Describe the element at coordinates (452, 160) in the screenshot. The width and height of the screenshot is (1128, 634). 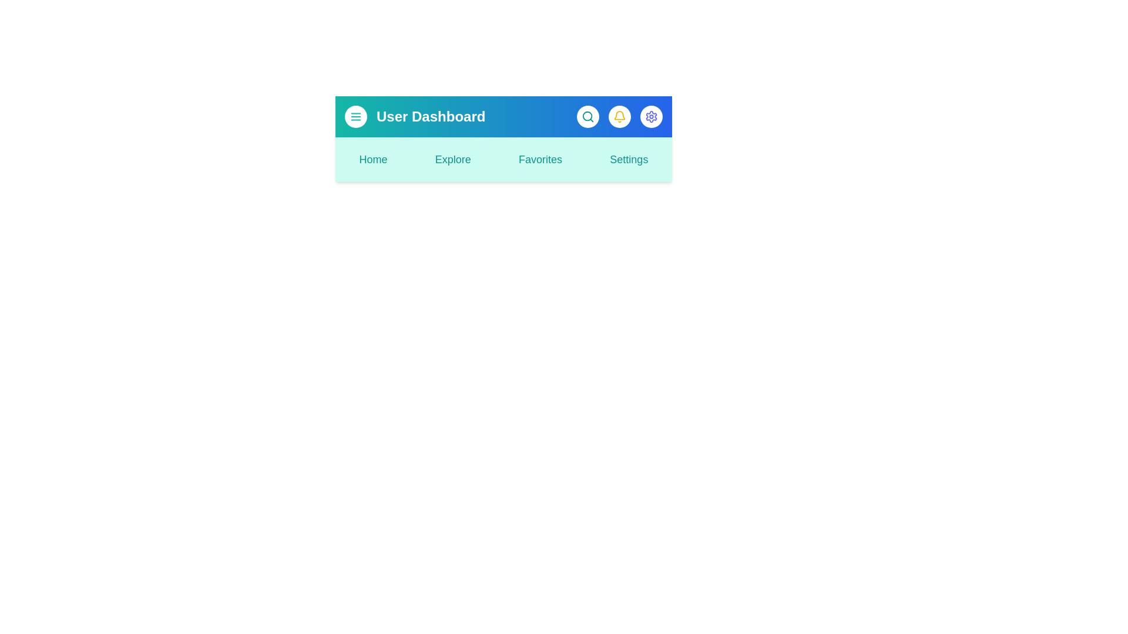
I see `the navigation link corresponding to Explore` at that location.